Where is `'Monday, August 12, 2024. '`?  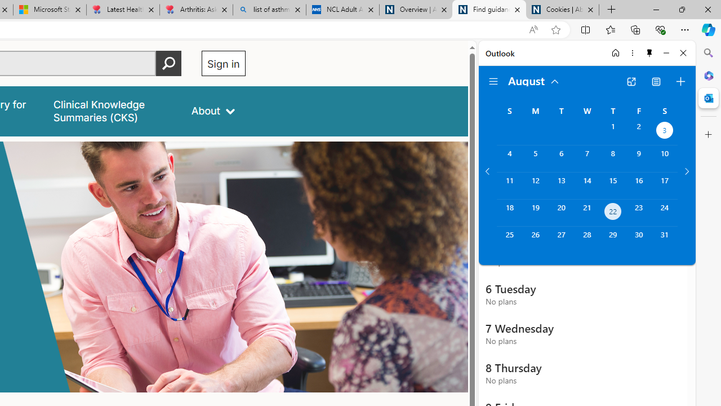
'Monday, August 12, 2024. ' is located at coordinates (535, 185).